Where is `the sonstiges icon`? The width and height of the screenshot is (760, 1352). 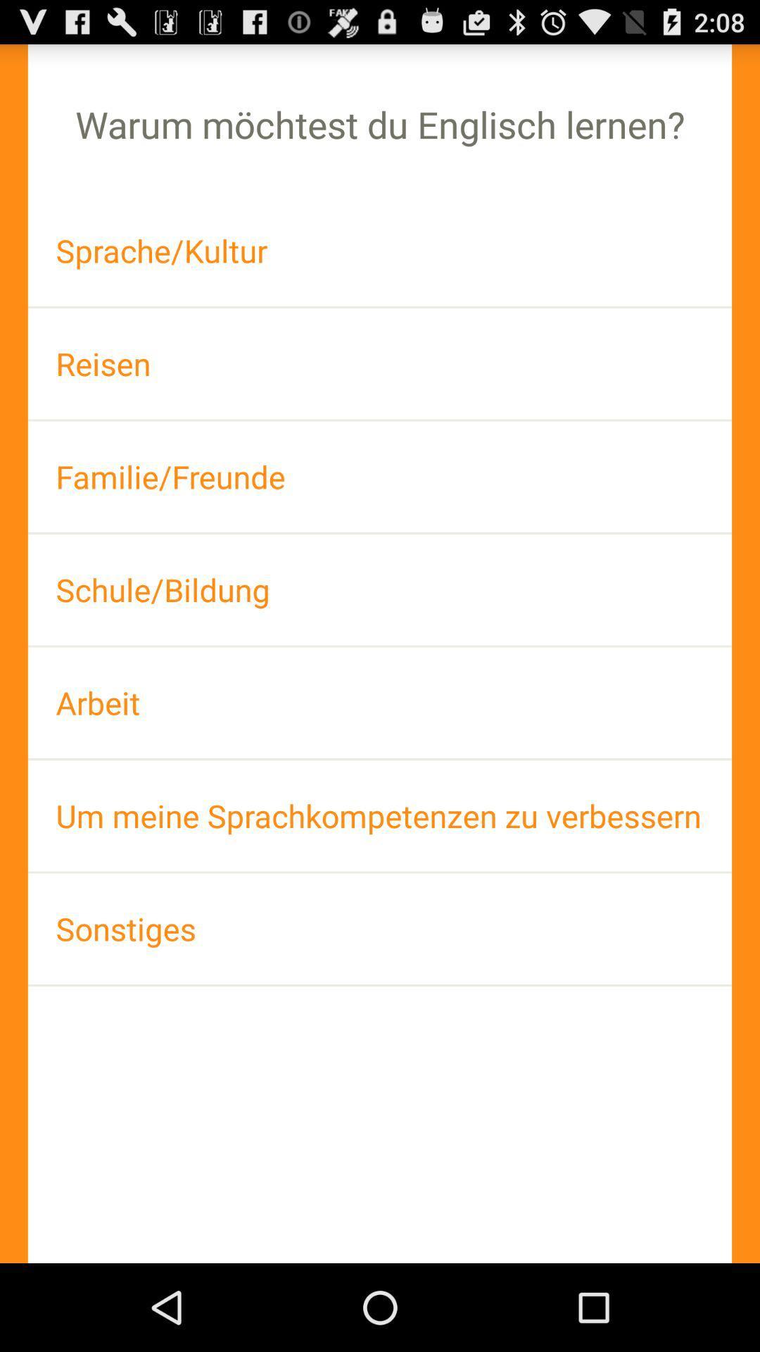 the sonstiges icon is located at coordinates (380, 929).